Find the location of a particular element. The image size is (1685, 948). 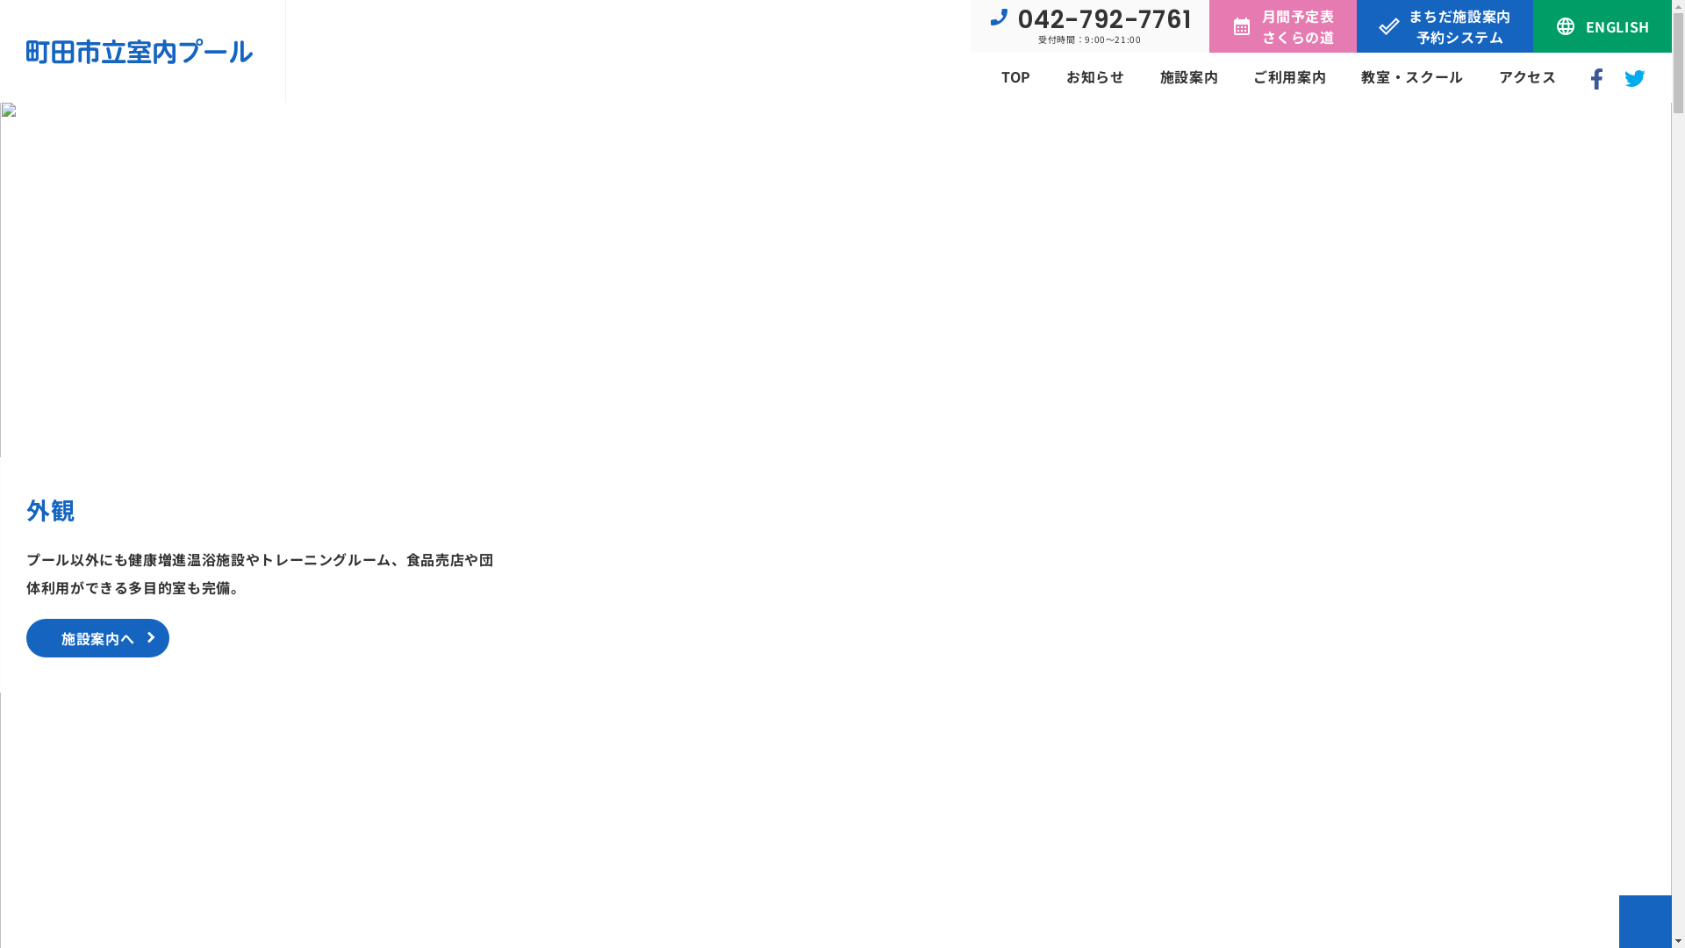

'TOP' is located at coordinates (1015, 75).